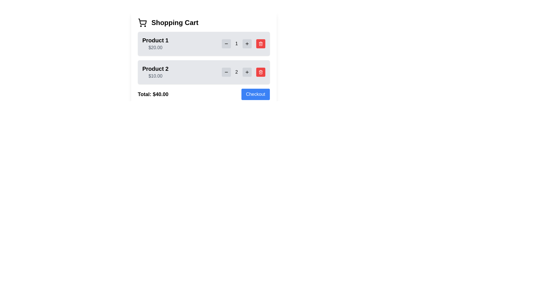  I want to click on the delete button in the shopping cart UI, which is positioned to the far right of the product entry row, adjacent to the quantity selector, so click(260, 43).